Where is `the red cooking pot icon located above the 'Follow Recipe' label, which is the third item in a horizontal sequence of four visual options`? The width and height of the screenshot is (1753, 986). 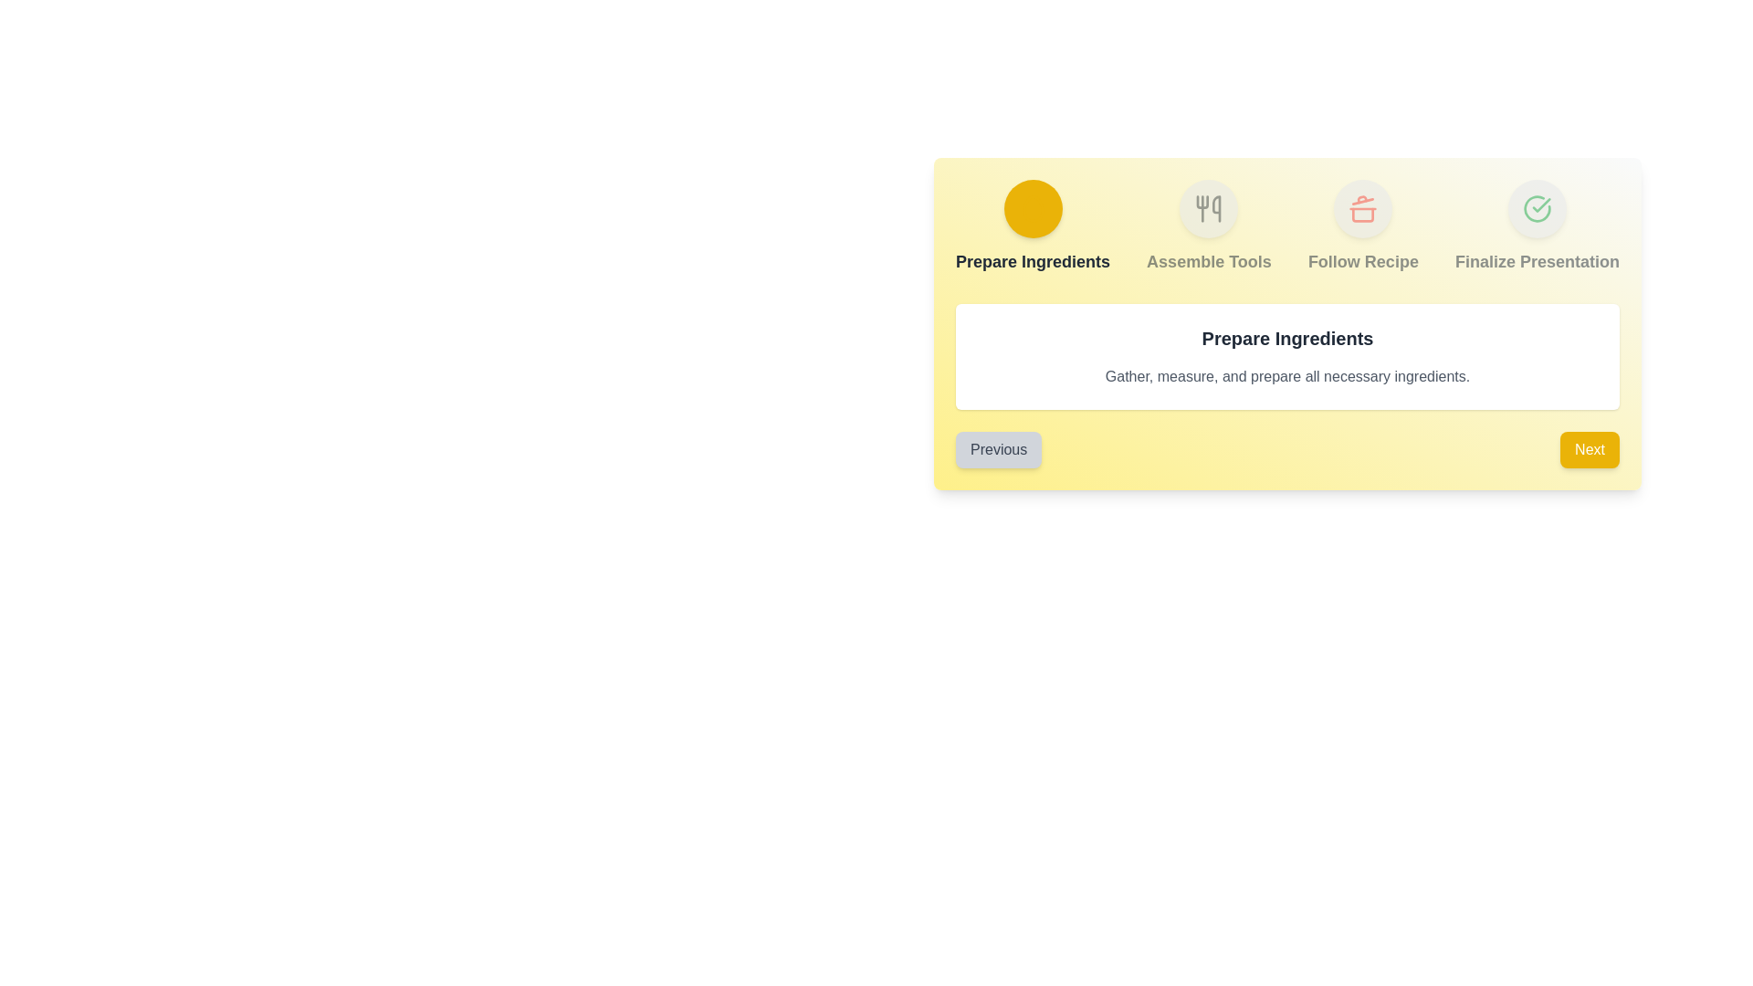 the red cooking pot icon located above the 'Follow Recipe' label, which is the third item in a horizontal sequence of four visual options is located at coordinates (1363, 207).